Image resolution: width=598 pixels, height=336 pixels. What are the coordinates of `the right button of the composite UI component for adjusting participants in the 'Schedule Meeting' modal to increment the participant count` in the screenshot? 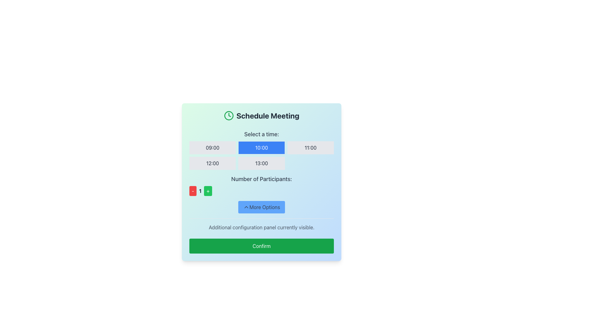 It's located at (262, 185).